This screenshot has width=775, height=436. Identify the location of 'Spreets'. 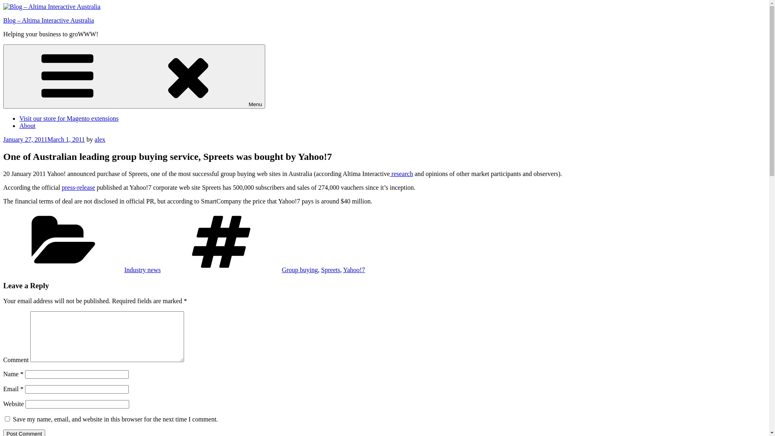
(321, 270).